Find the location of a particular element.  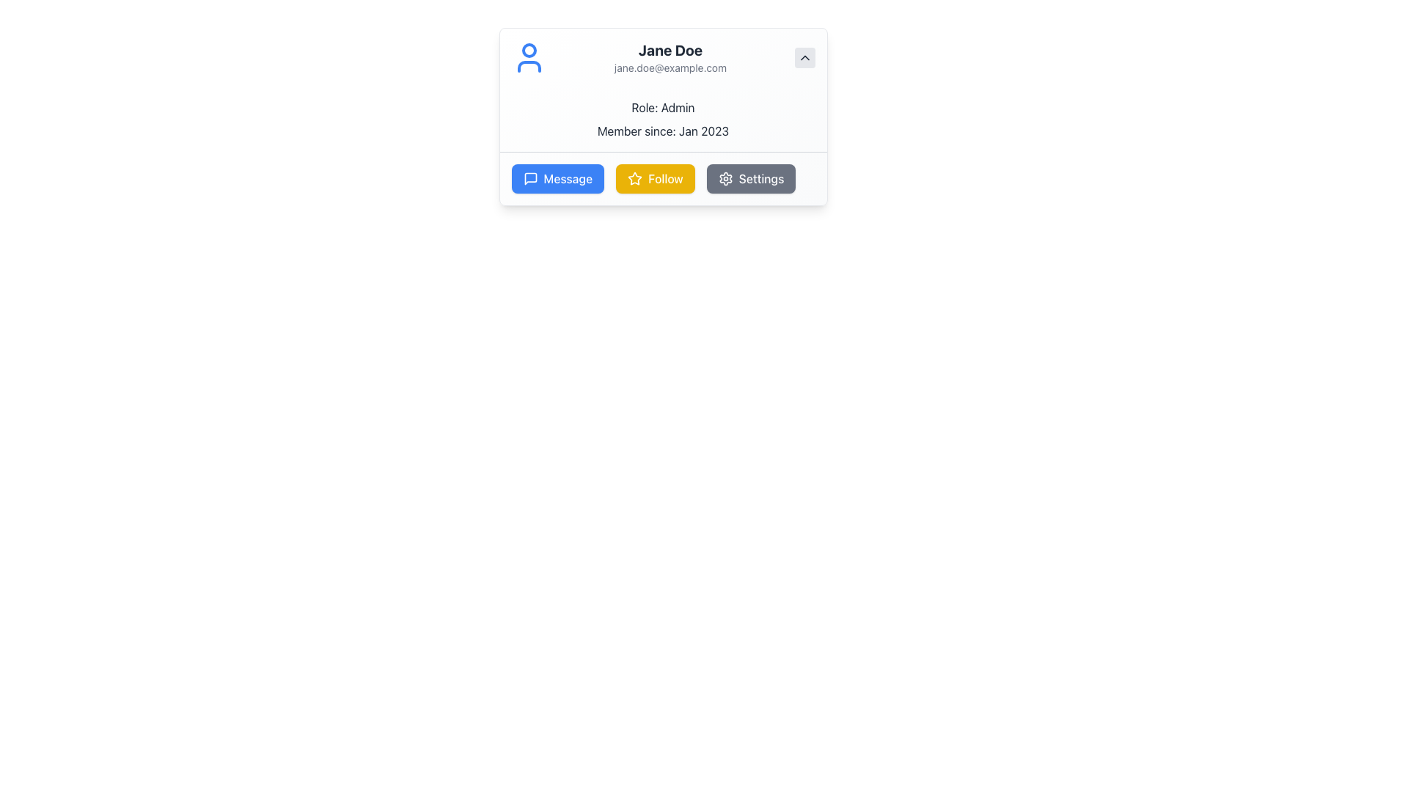

the static text label displaying 'Role: Admin', which is centered horizontally within a light background card, located near the top of a user profile card is located at coordinates (662, 106).